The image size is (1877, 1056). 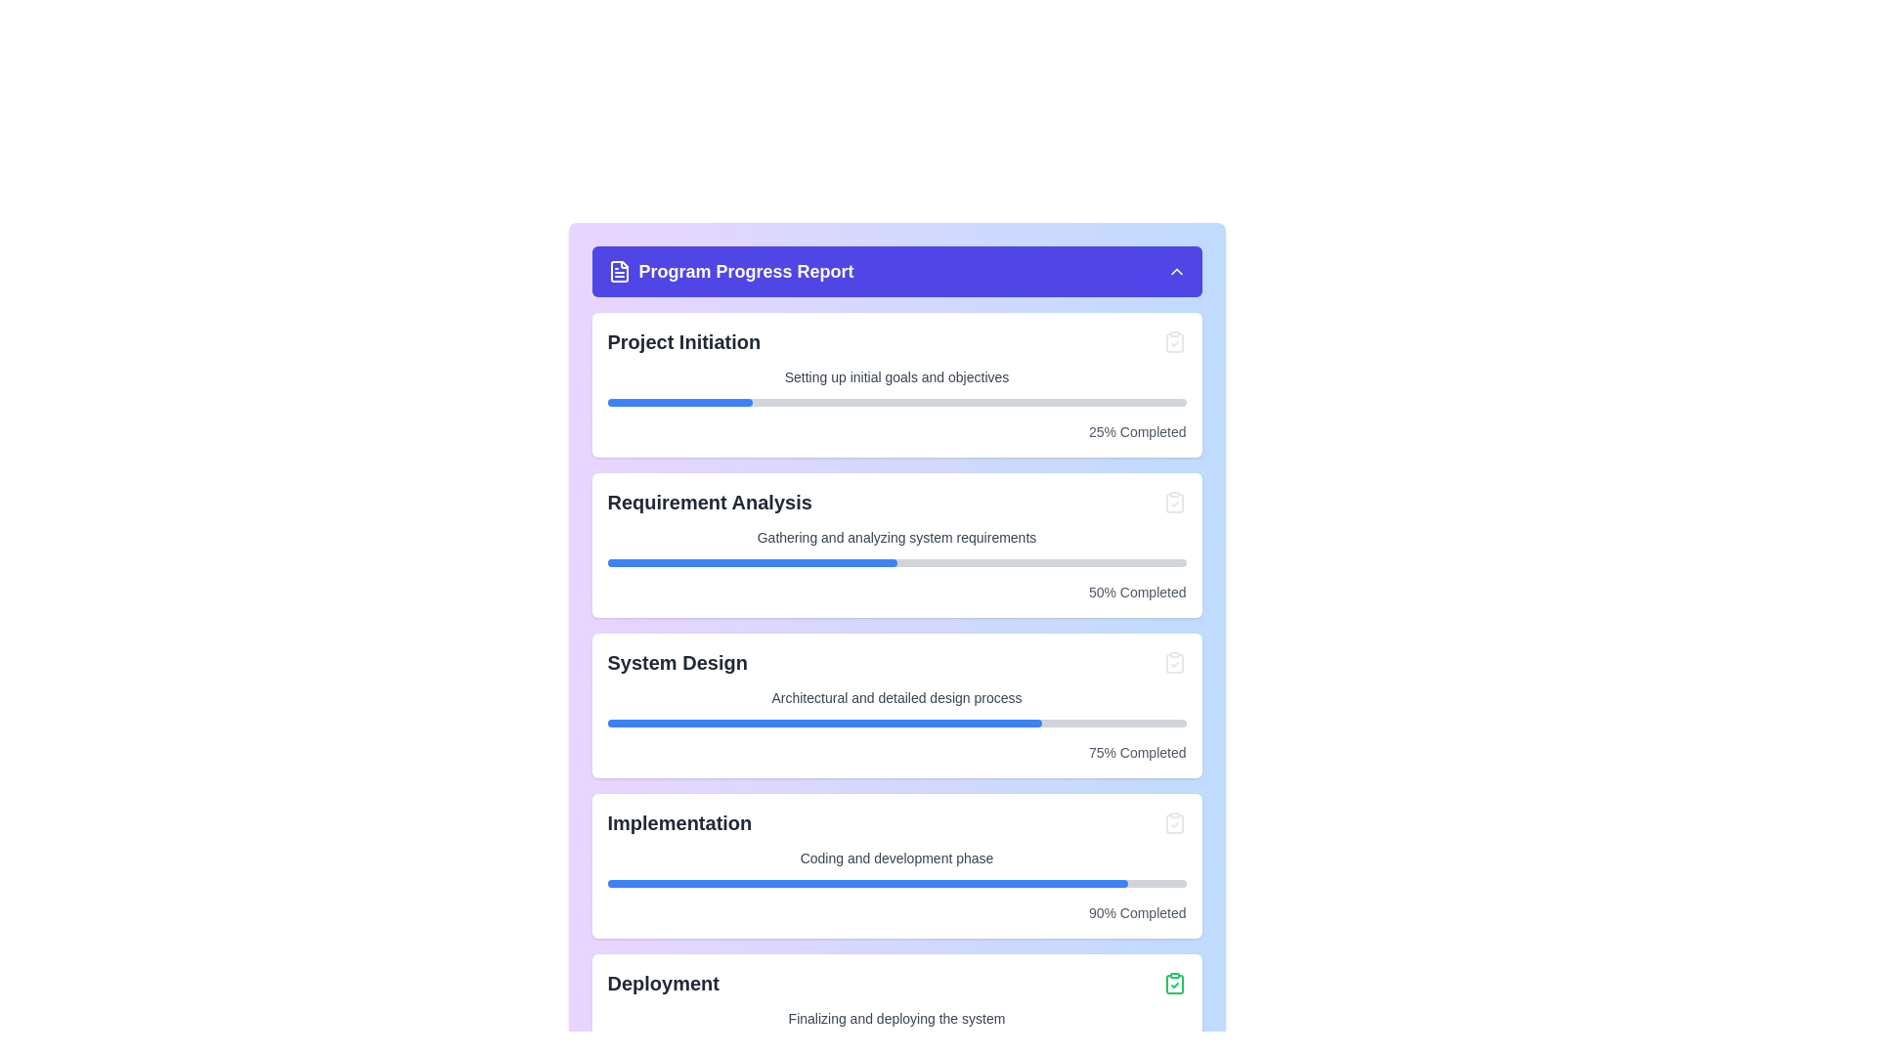 I want to click on the small text segment that says 'Coding and development phase', which is located in the 'Implementation' section, below its title and a graphical progress bar, so click(x=895, y=858).